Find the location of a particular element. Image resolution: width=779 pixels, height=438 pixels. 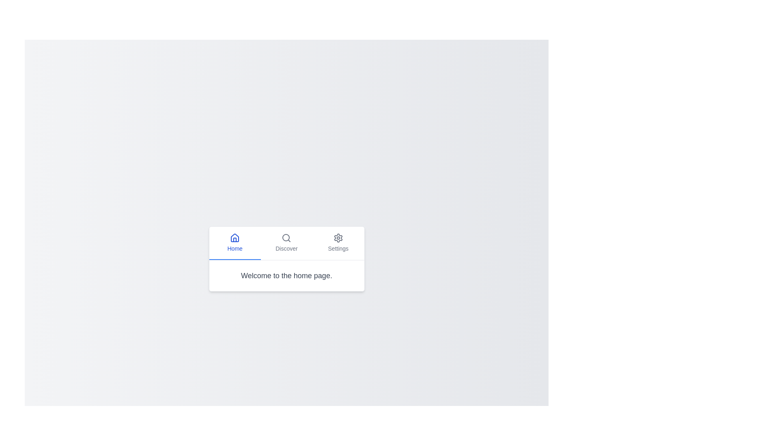

the Discover tab is located at coordinates (286, 242).